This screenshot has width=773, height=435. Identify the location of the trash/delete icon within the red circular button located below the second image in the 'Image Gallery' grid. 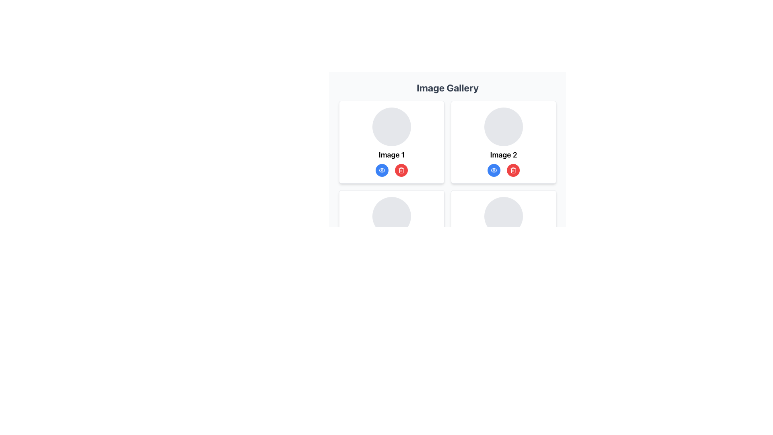
(513, 170).